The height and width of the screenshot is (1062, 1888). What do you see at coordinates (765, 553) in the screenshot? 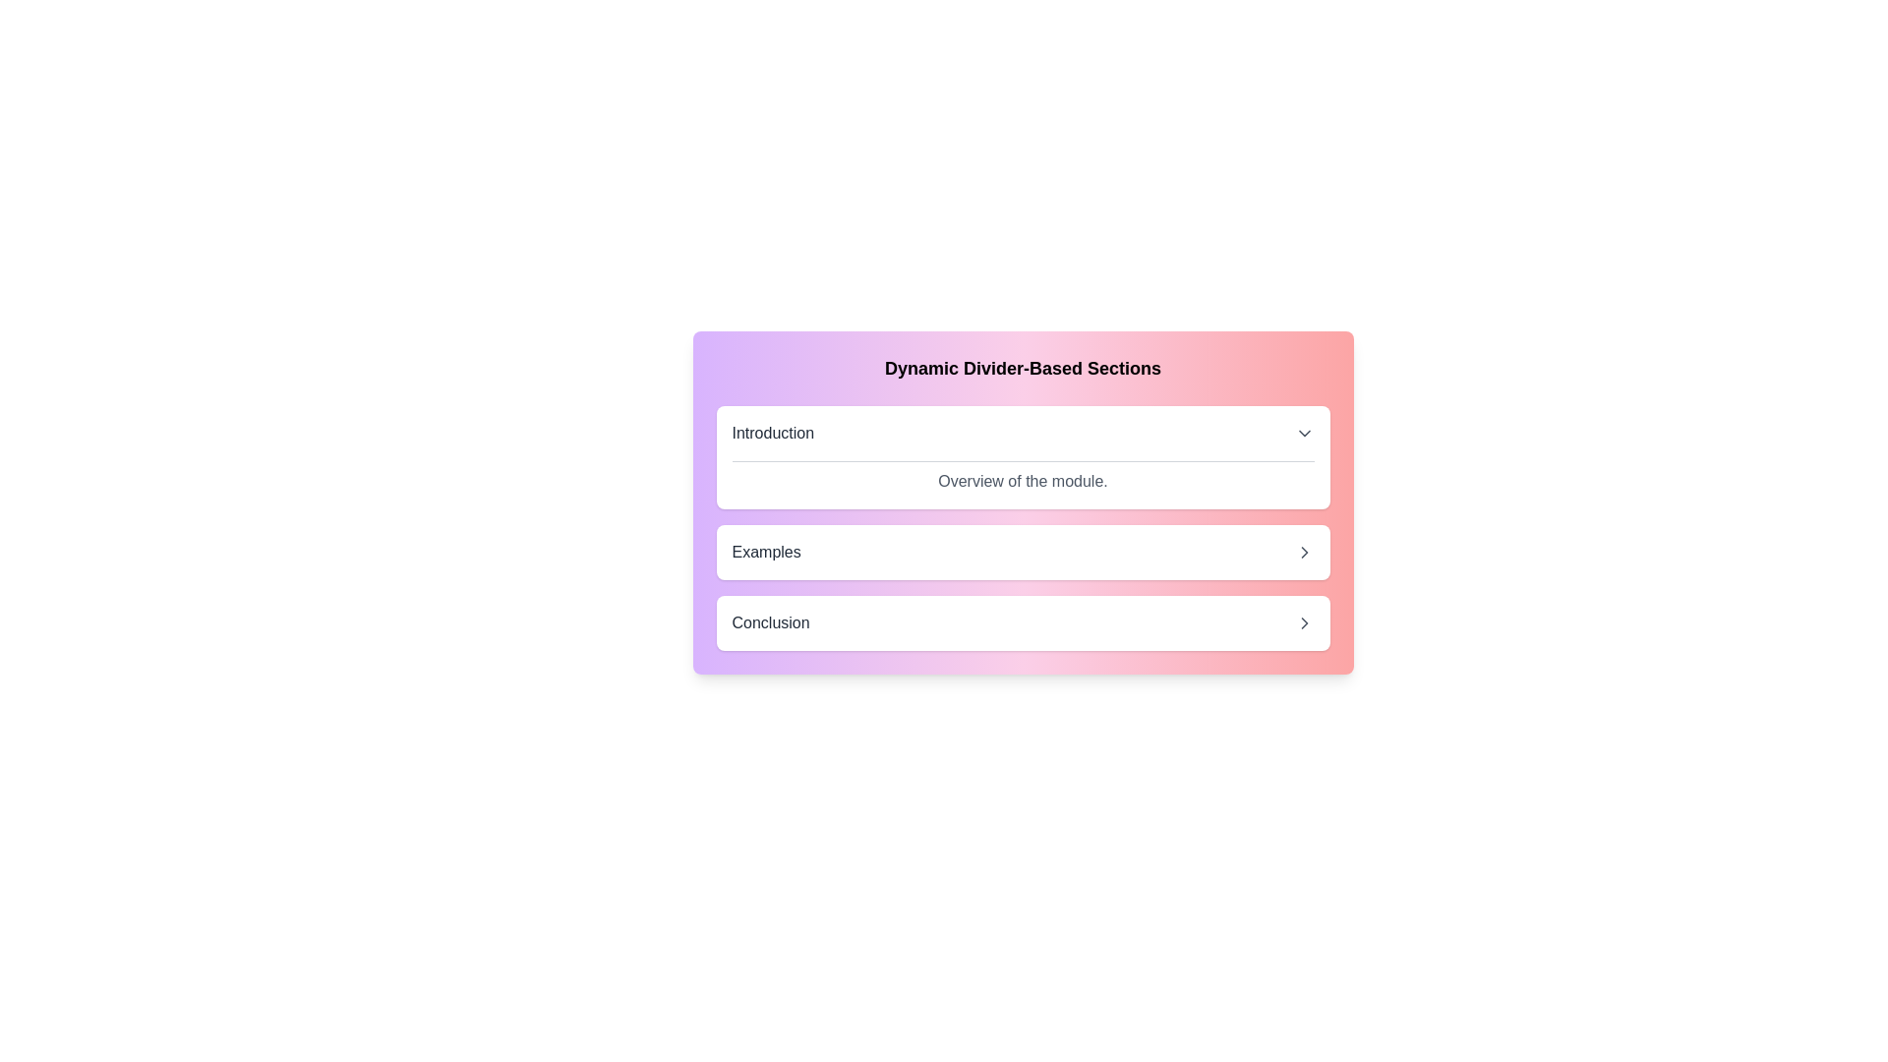
I see `the text label indicating the content or purpose of the associated section, located between the 'Introduction' and 'Conclusion' sections in the second section of the vertically stacked list` at bounding box center [765, 553].